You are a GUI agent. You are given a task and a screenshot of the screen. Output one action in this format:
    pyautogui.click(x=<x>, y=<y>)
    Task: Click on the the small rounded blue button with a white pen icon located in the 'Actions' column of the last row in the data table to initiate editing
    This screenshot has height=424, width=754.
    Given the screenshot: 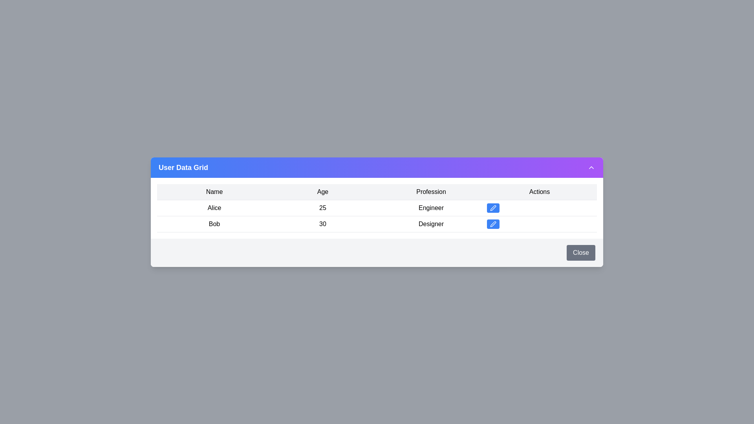 What is the action you would take?
    pyautogui.click(x=493, y=224)
    